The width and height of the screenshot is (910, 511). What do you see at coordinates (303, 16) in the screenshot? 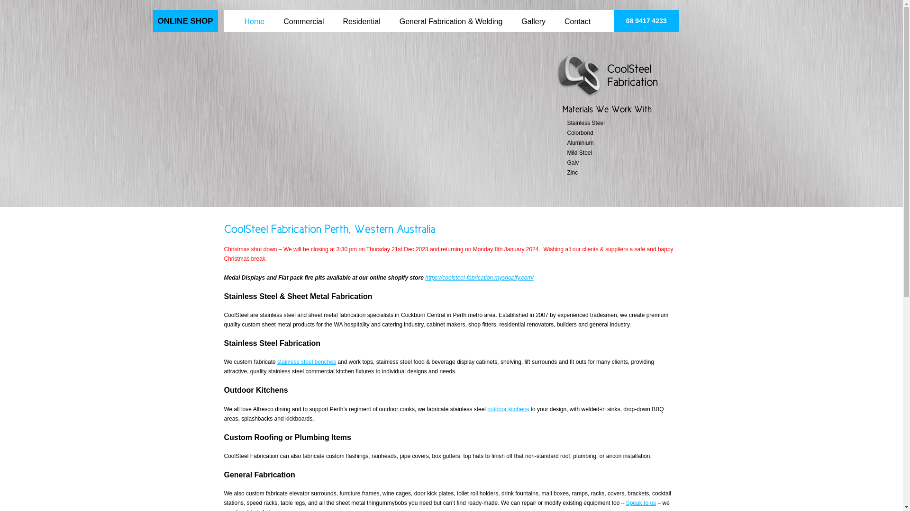
I see `'Commercial'` at bounding box center [303, 16].